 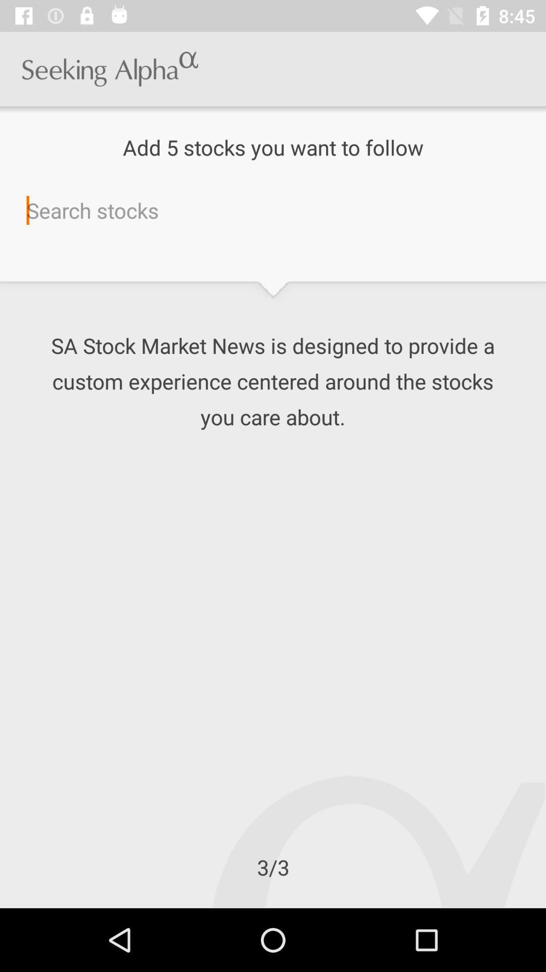 What do you see at coordinates (273, 210) in the screenshot?
I see `type stock name` at bounding box center [273, 210].